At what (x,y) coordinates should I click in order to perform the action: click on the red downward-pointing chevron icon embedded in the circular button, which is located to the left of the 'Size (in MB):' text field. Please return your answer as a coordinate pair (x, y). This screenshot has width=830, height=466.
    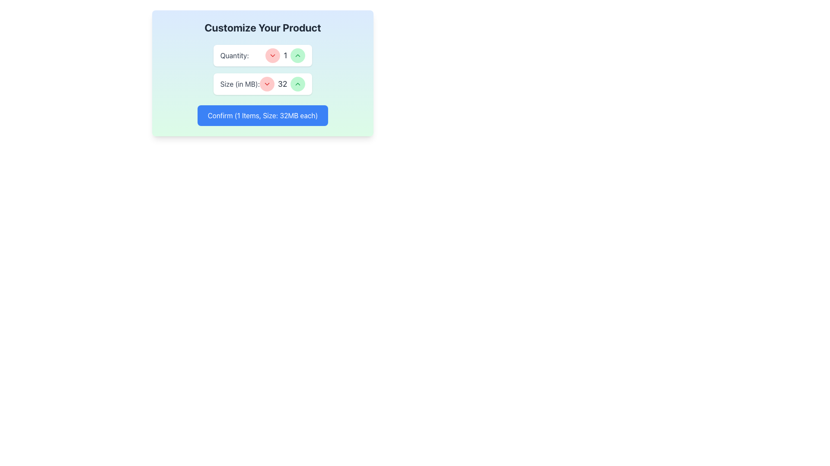
    Looking at the image, I should click on (267, 84).